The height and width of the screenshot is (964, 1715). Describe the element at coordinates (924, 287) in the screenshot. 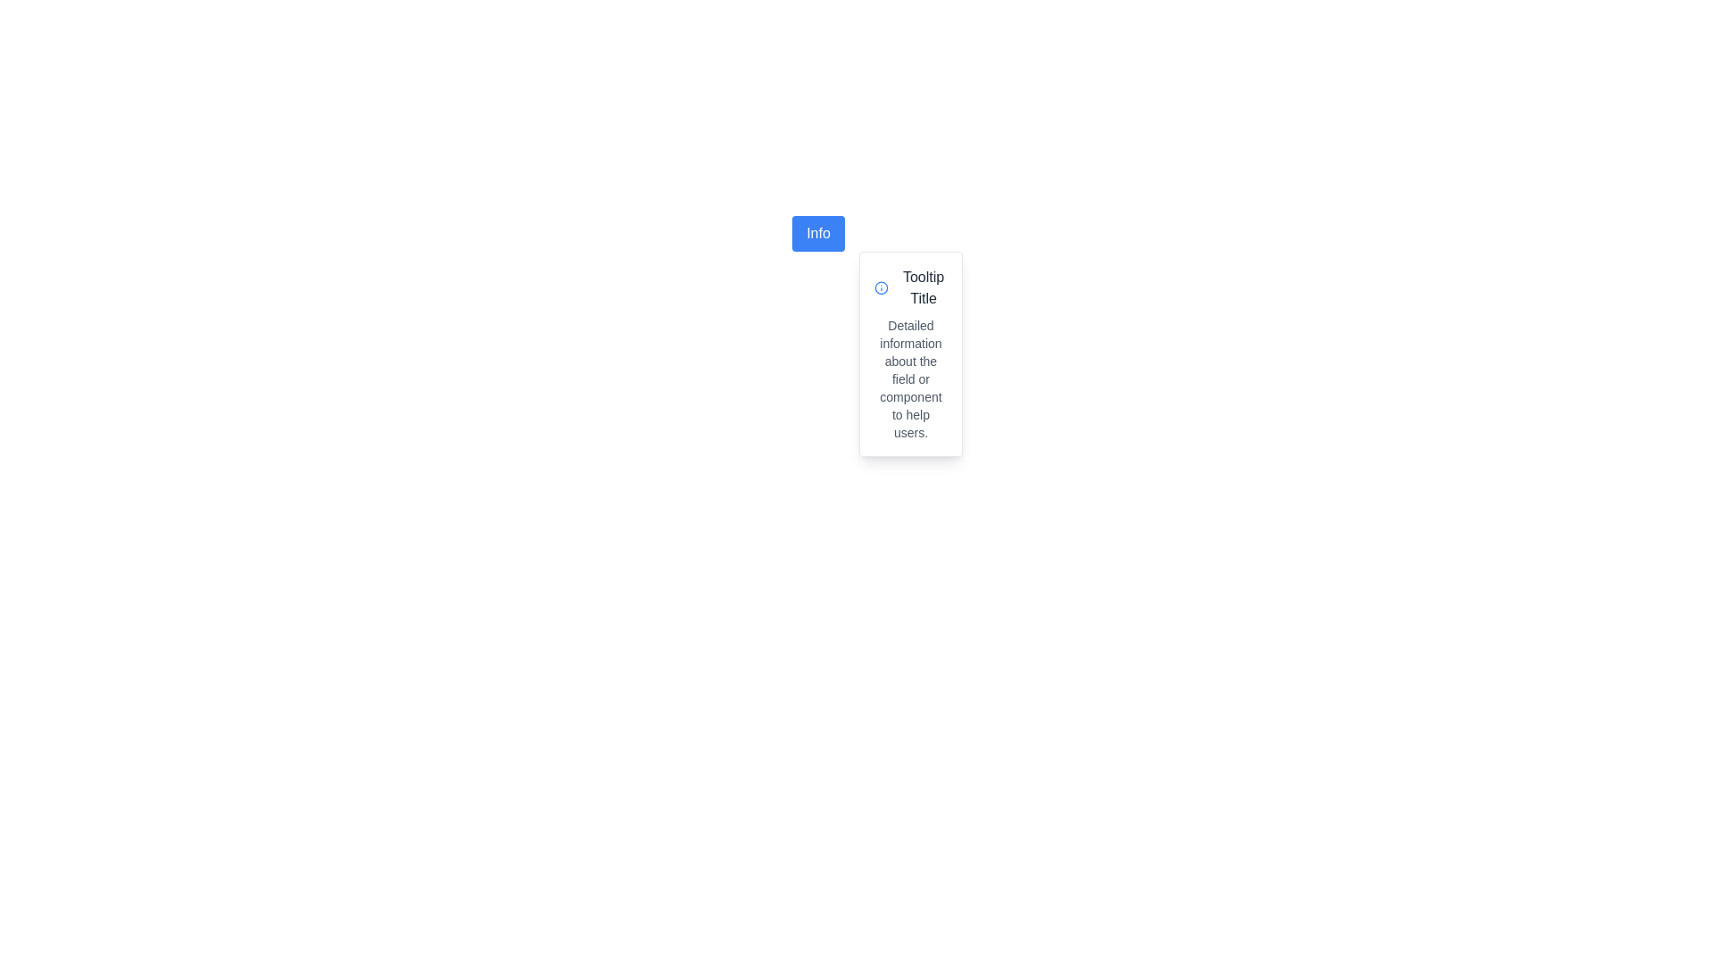

I see `the static text label displaying 'Tooltip Title' situated in a tooltip-like box below the 'Info' label` at that location.